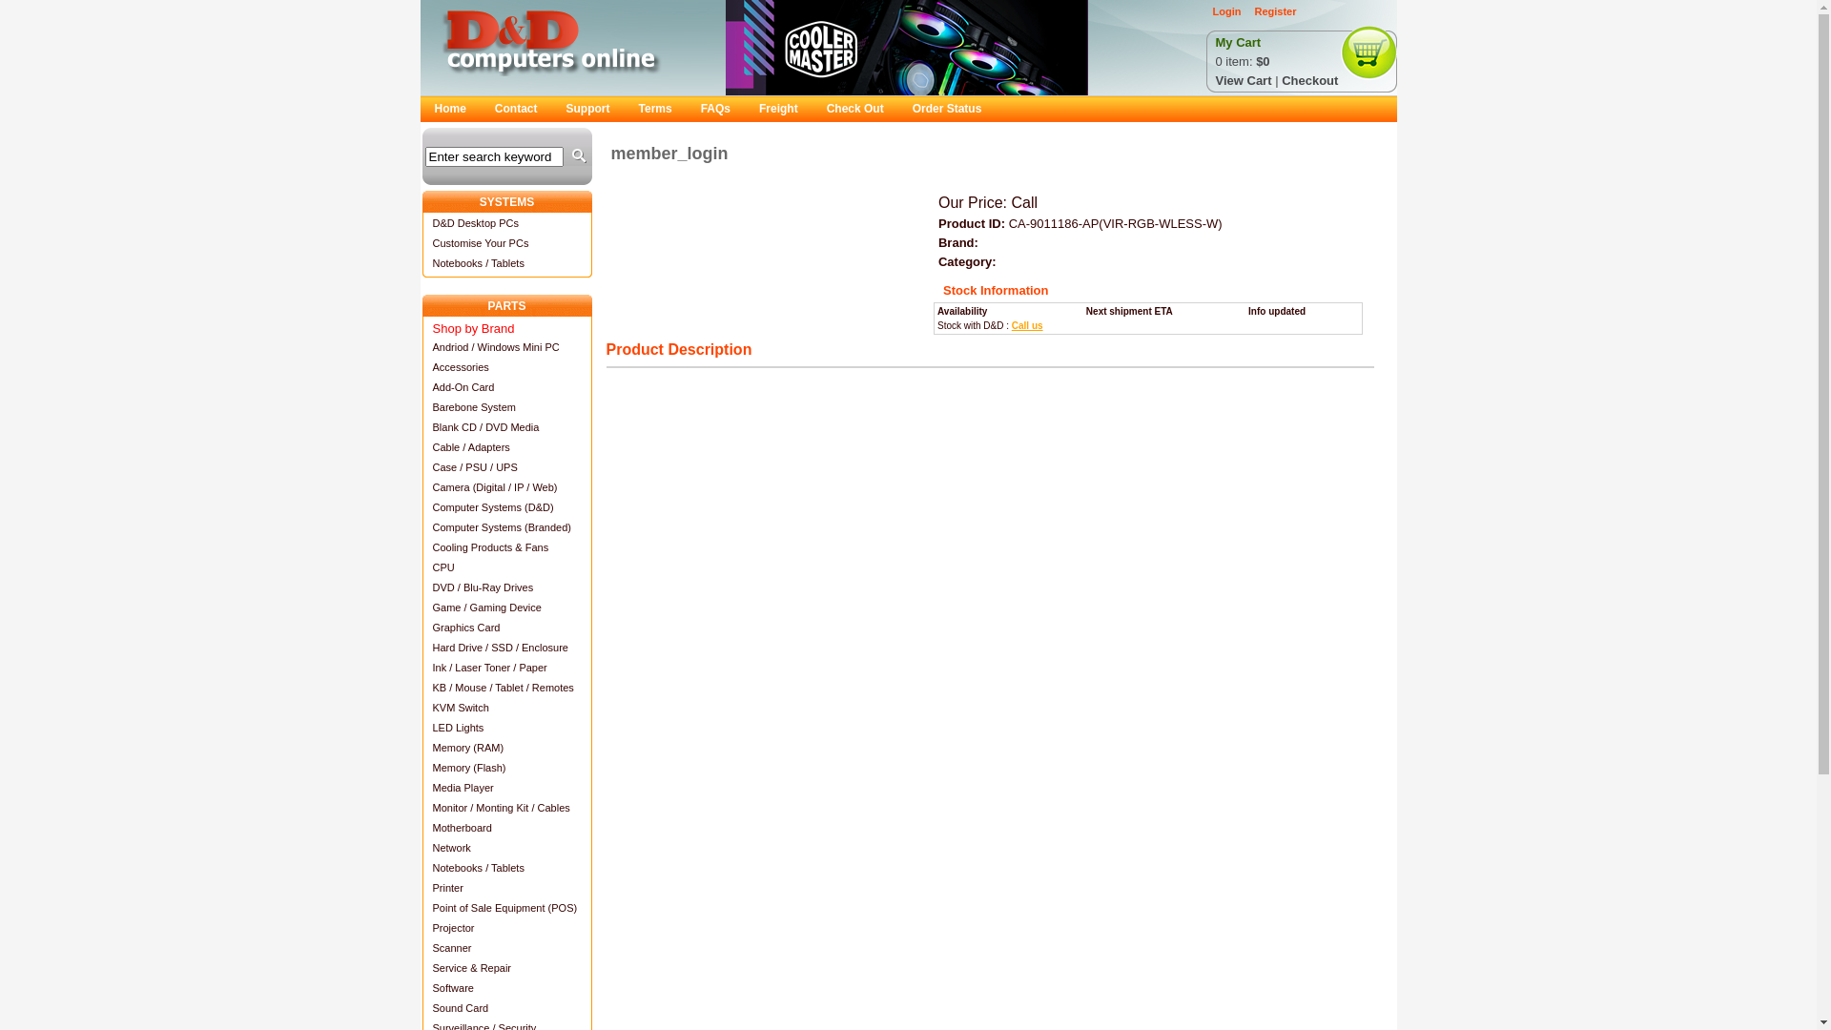  I want to click on 'Checkout', so click(1282, 79).